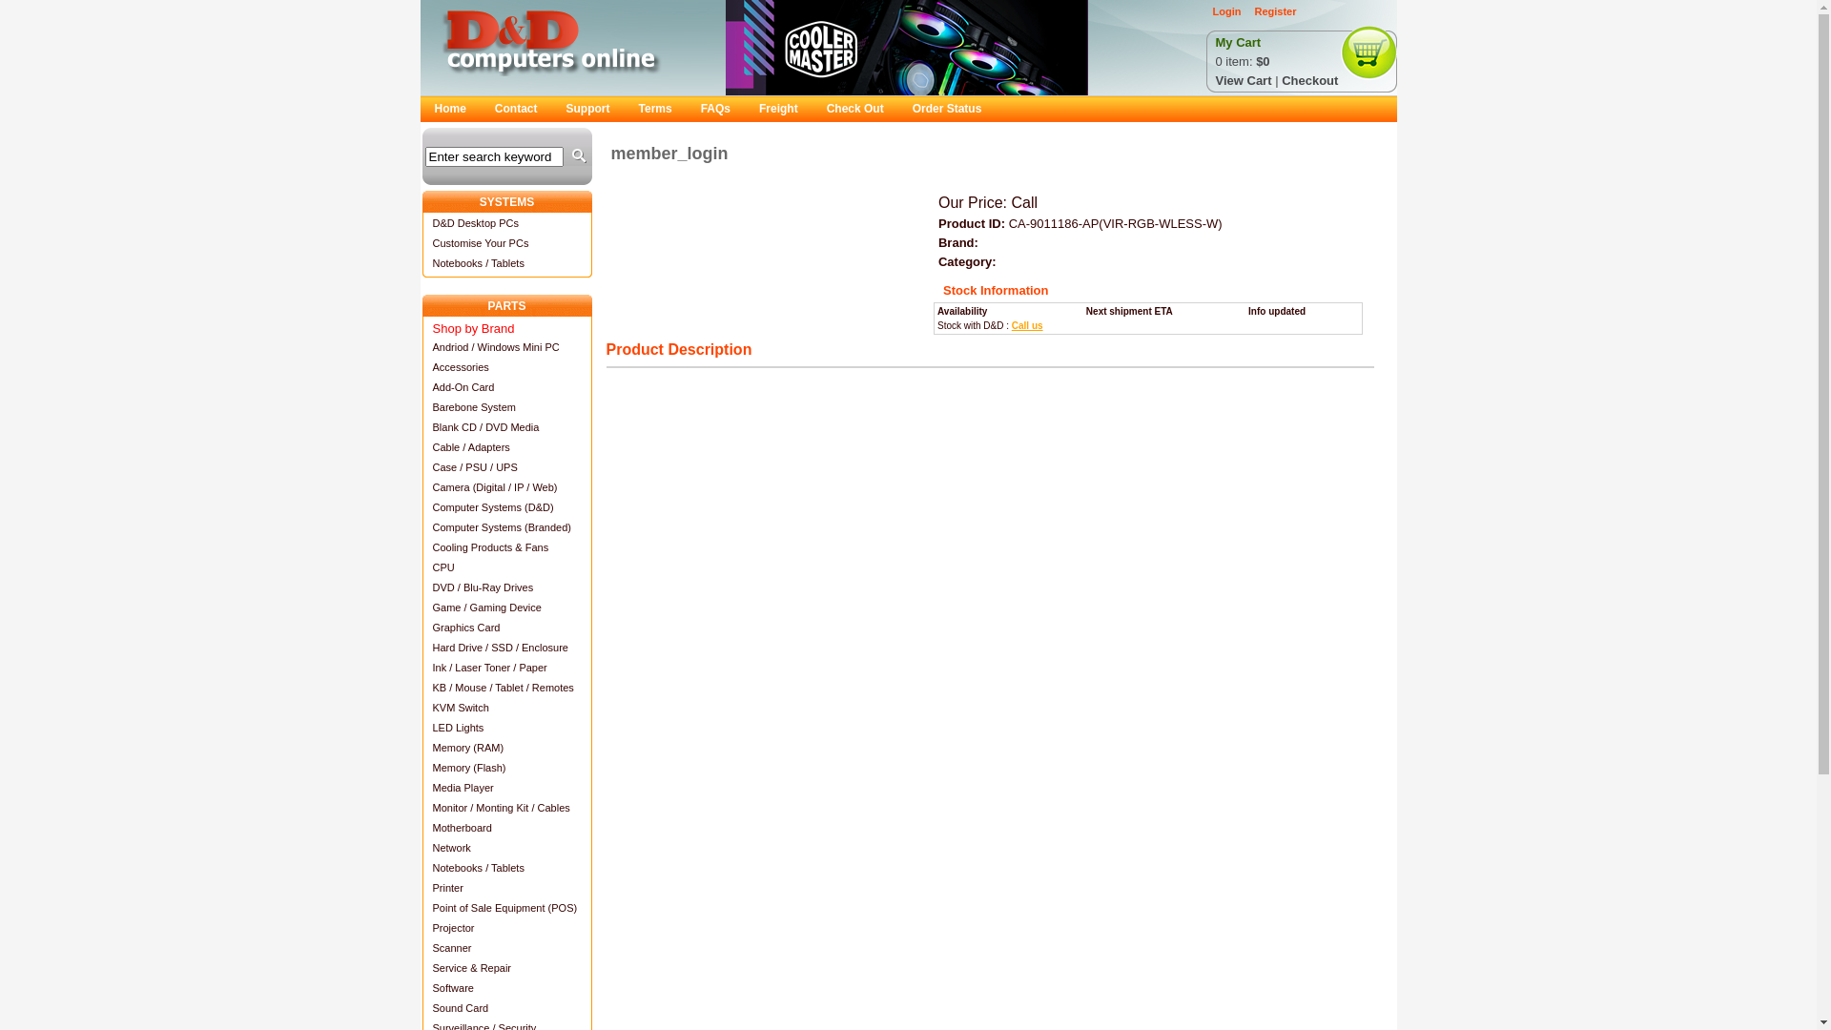  I want to click on 'Checkout', so click(1282, 79).